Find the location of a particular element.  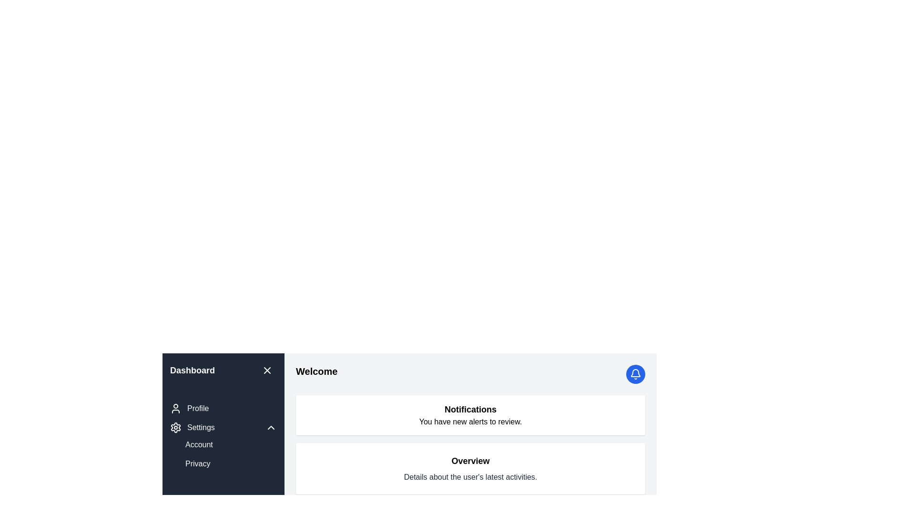

the descriptive text that provides context about user-related activities located under the 'Overview' title in the 'Notifications' section is located at coordinates (470, 477).